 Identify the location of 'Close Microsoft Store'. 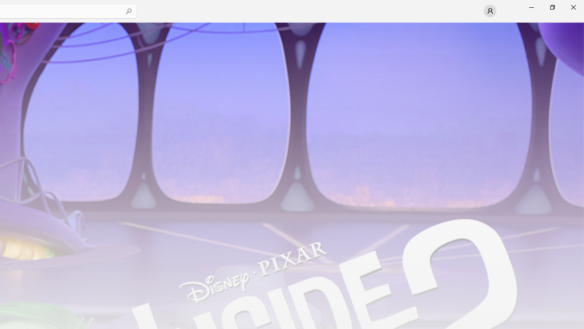
(573, 7).